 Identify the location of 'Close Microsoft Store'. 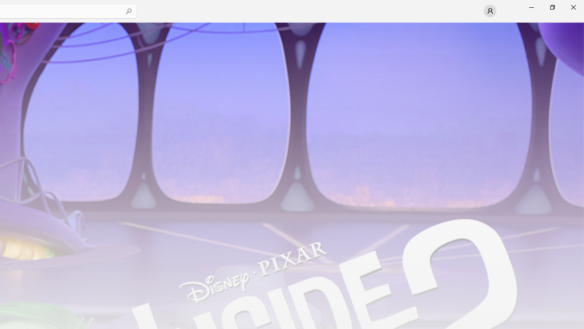
(573, 7).